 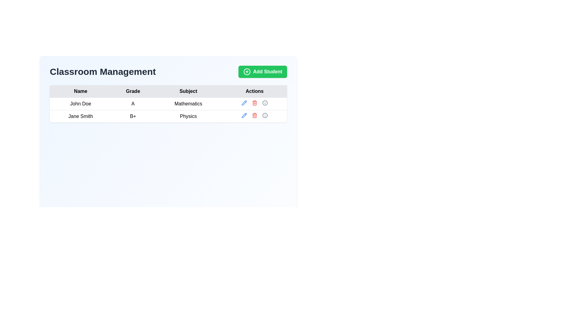 I want to click on the grade indicator text 'A' displayed in the second column of the first row under the 'Grade' column in the table for 'Classroom Management', so click(x=133, y=103).